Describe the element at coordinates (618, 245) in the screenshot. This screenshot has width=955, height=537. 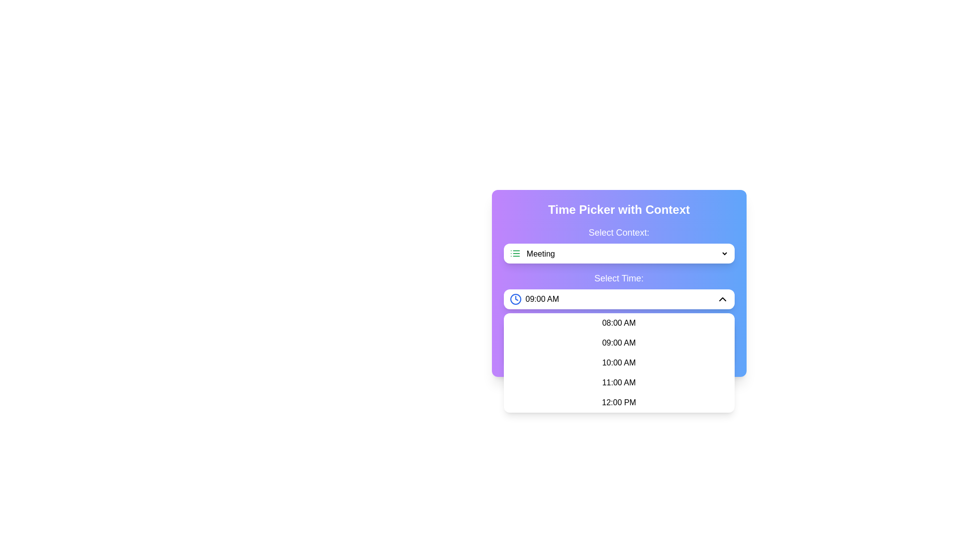
I see `the 'Select Context:' label above the dropdown menu to gather more information` at that location.